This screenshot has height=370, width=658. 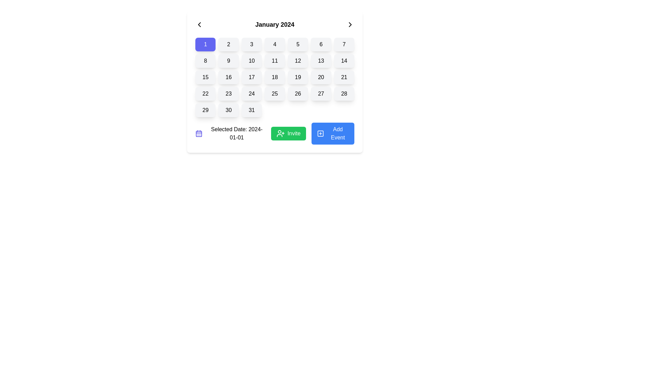 What do you see at coordinates (298, 77) in the screenshot?
I see `the Button-like calendar day cell representing the 19th day` at bounding box center [298, 77].